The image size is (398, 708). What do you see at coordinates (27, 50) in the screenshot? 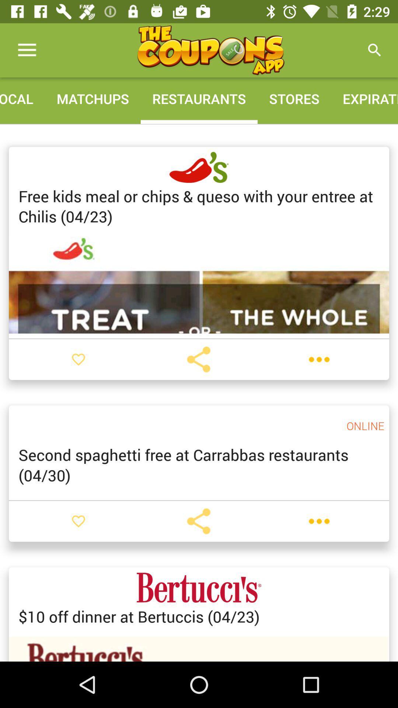
I see `icon above local item` at bounding box center [27, 50].